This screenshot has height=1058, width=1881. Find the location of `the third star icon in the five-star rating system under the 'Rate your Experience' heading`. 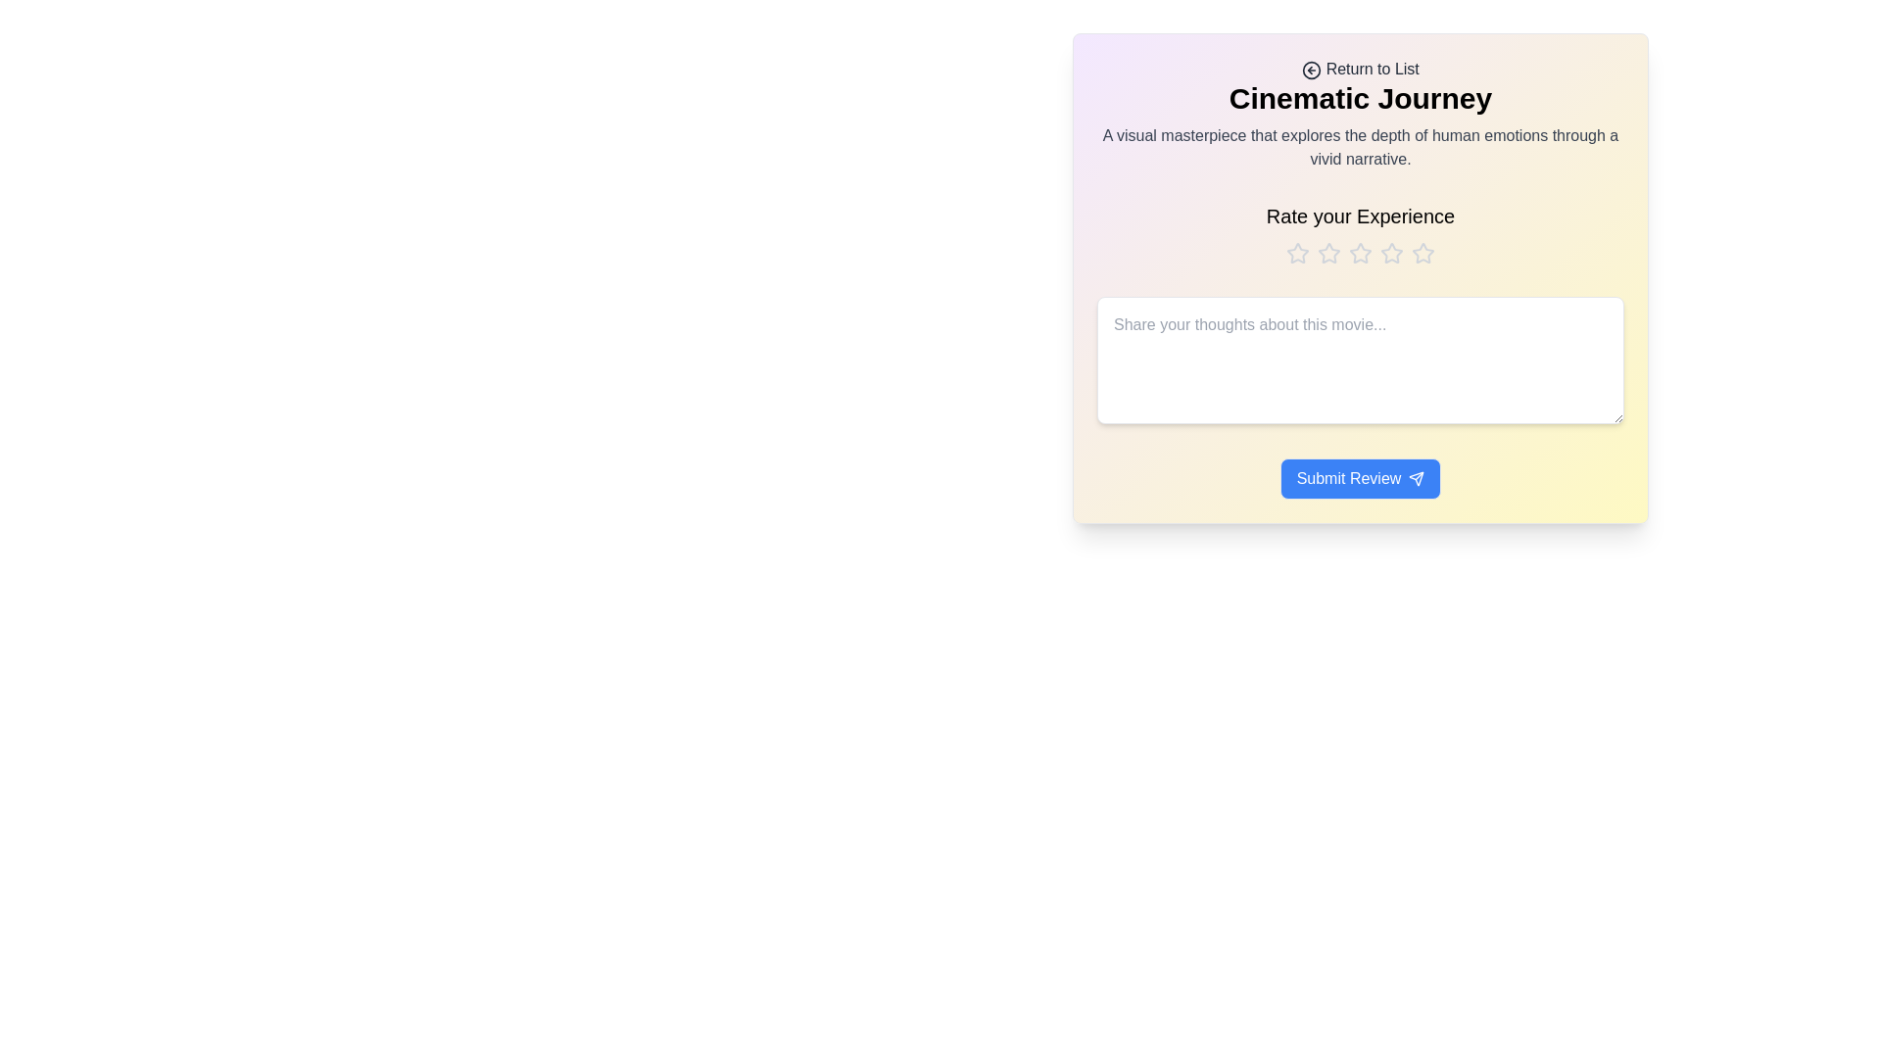

the third star icon in the five-star rating system under the 'Rate your Experience' heading is located at coordinates (1359, 252).